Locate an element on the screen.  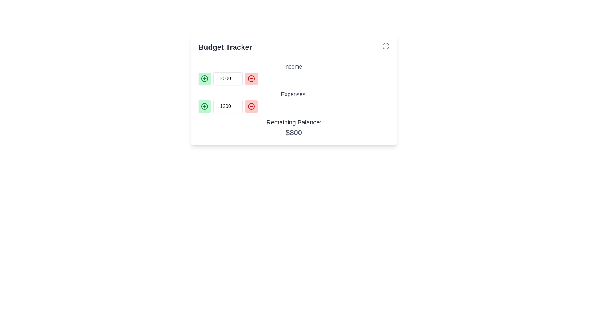
the circular shape of the plus icon in the budget tracker interface, which is used is located at coordinates (204, 78).